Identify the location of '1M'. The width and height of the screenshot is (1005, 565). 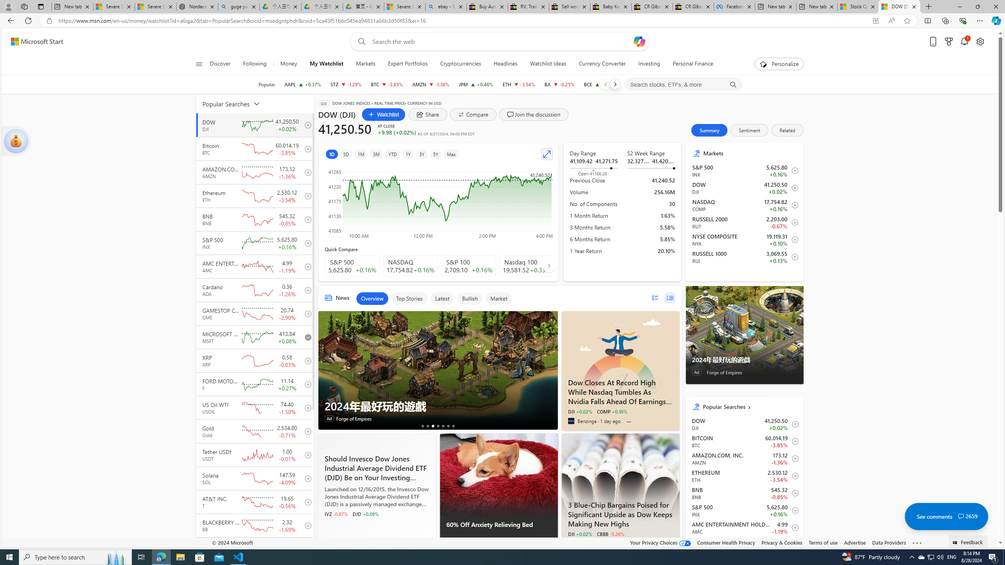
(360, 154).